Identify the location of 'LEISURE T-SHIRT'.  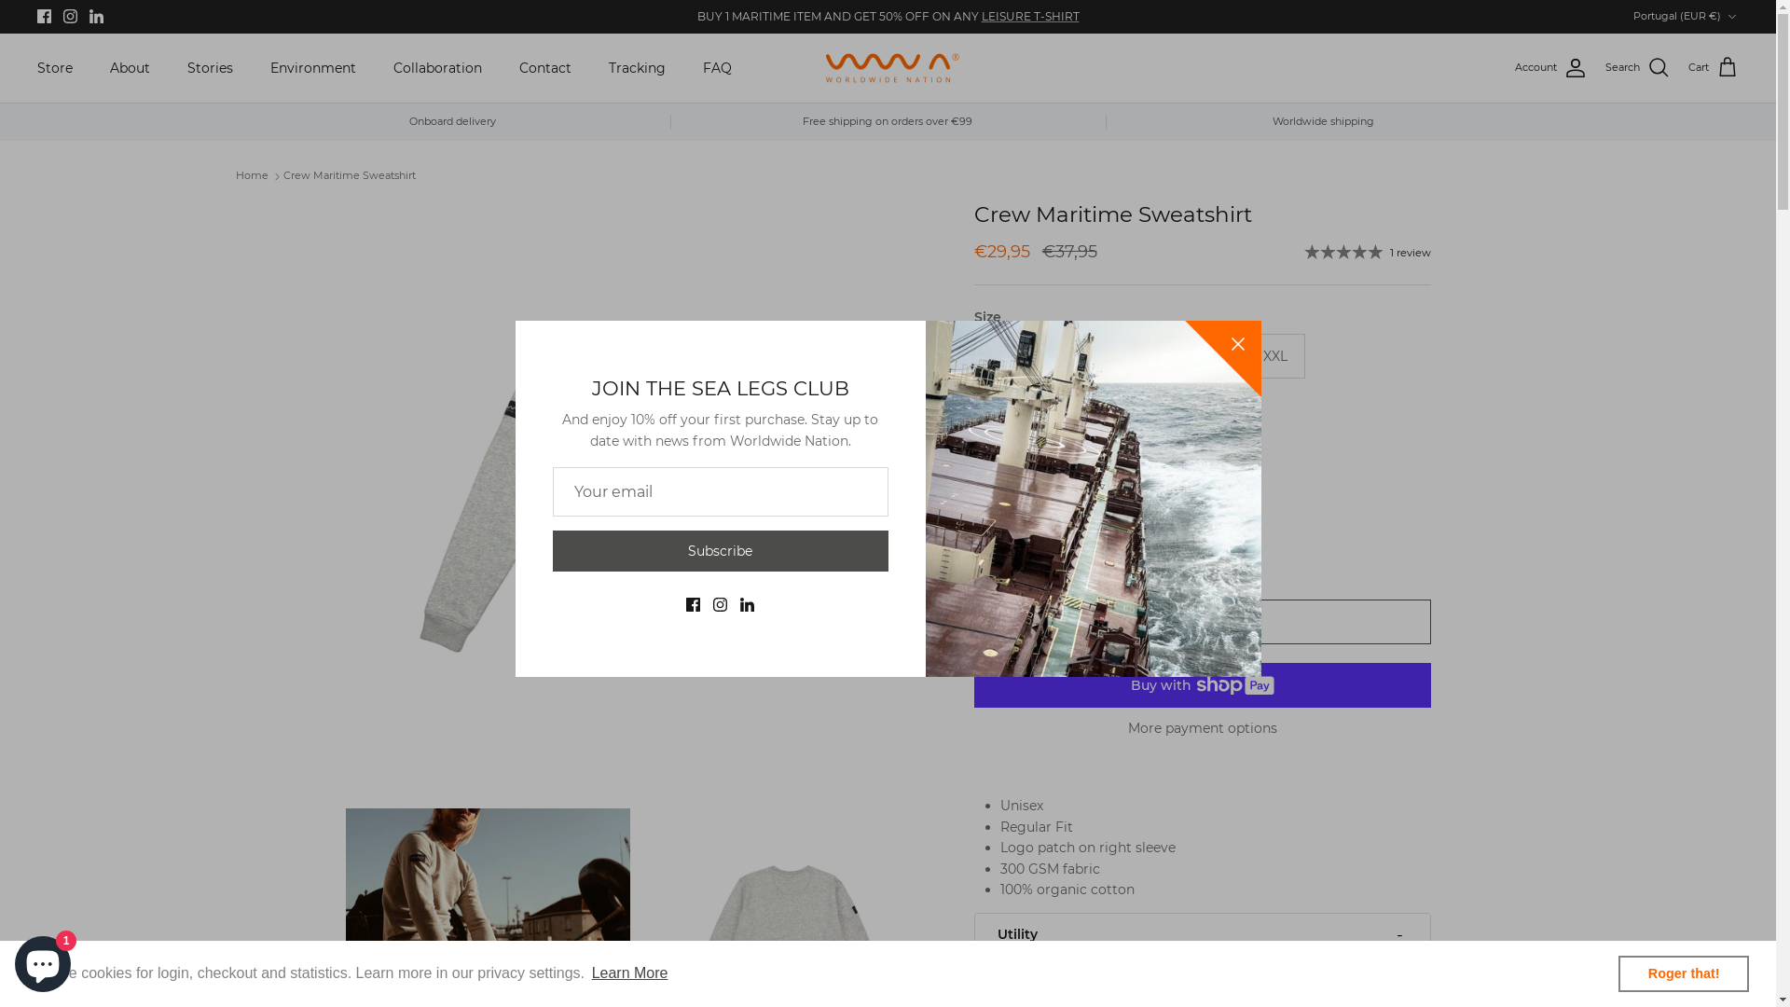
(979, 16).